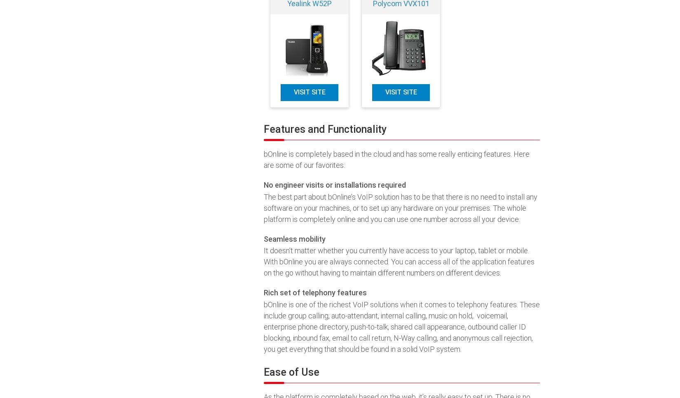  I want to click on 'Features and Functionality', so click(325, 128).